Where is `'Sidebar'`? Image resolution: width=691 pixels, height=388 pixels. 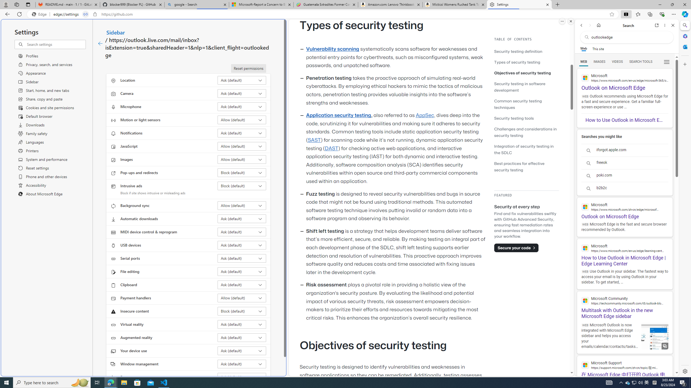 'Sidebar' is located at coordinates (116, 32).